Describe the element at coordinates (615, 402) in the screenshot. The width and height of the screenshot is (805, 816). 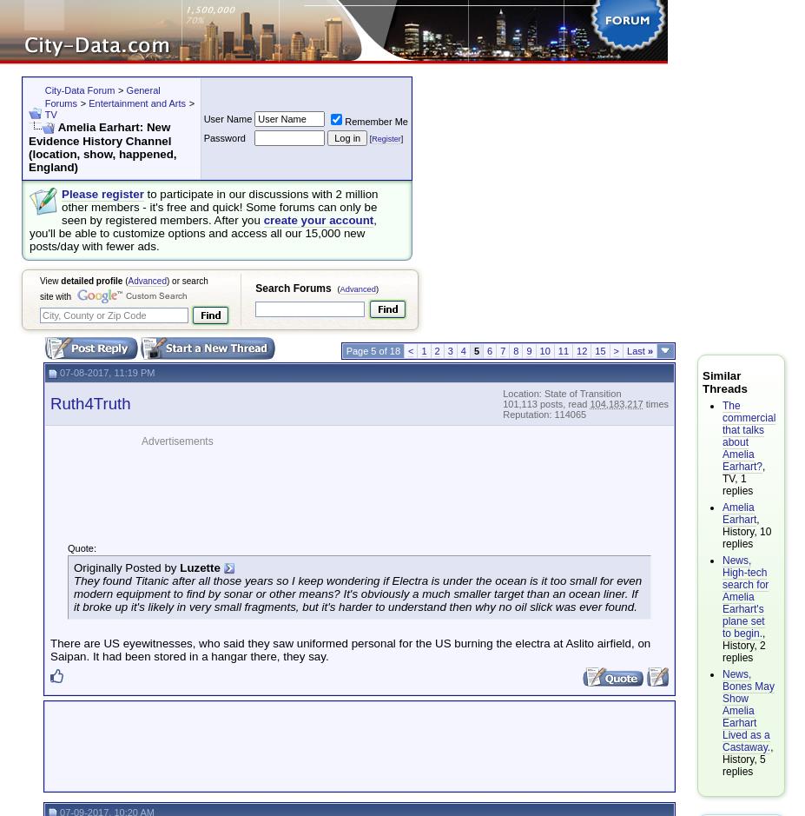
I see `'104,183,217'` at that location.